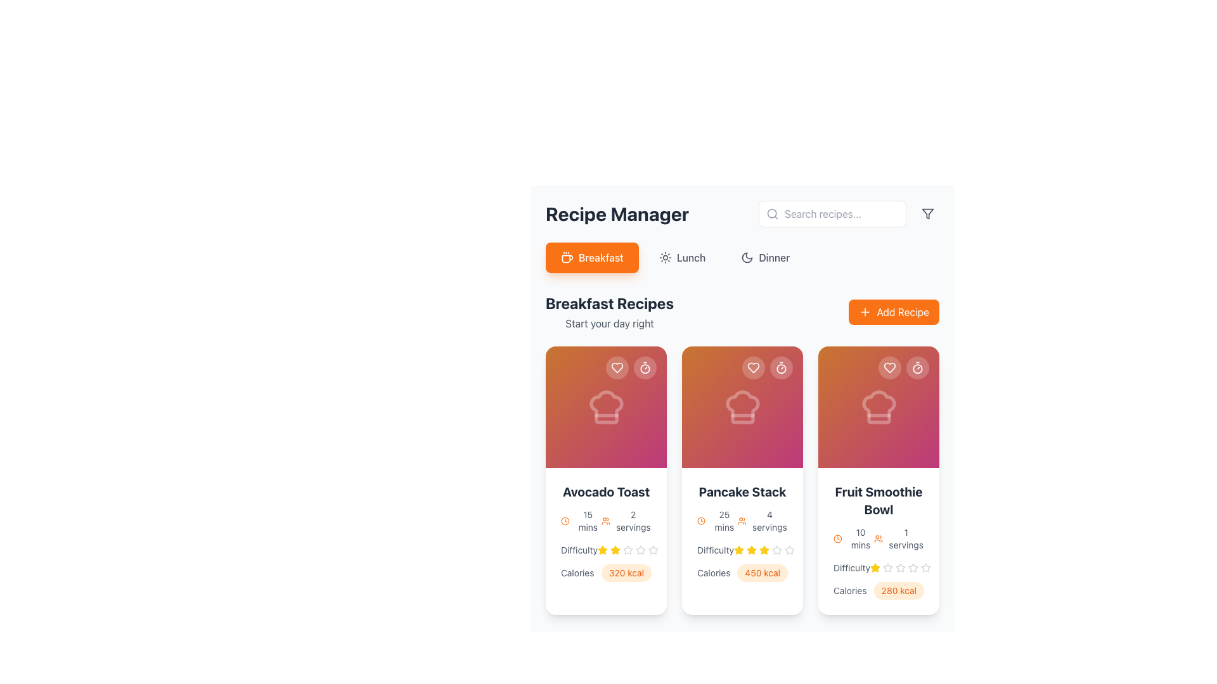 The height and width of the screenshot is (684, 1217). What do you see at coordinates (580, 521) in the screenshot?
I see `the non-interactive text label displaying the preparation time for the recipe 'Avocado Toast', located below the title and next to an orange clock icon` at bounding box center [580, 521].